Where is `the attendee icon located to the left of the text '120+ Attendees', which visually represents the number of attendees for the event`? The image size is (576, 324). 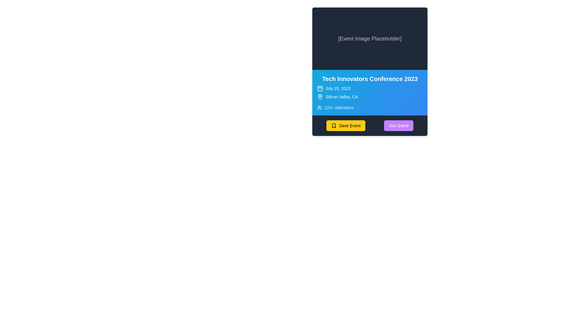 the attendee icon located to the left of the text '120+ Attendees', which visually represents the number of attendees for the event is located at coordinates (319, 107).